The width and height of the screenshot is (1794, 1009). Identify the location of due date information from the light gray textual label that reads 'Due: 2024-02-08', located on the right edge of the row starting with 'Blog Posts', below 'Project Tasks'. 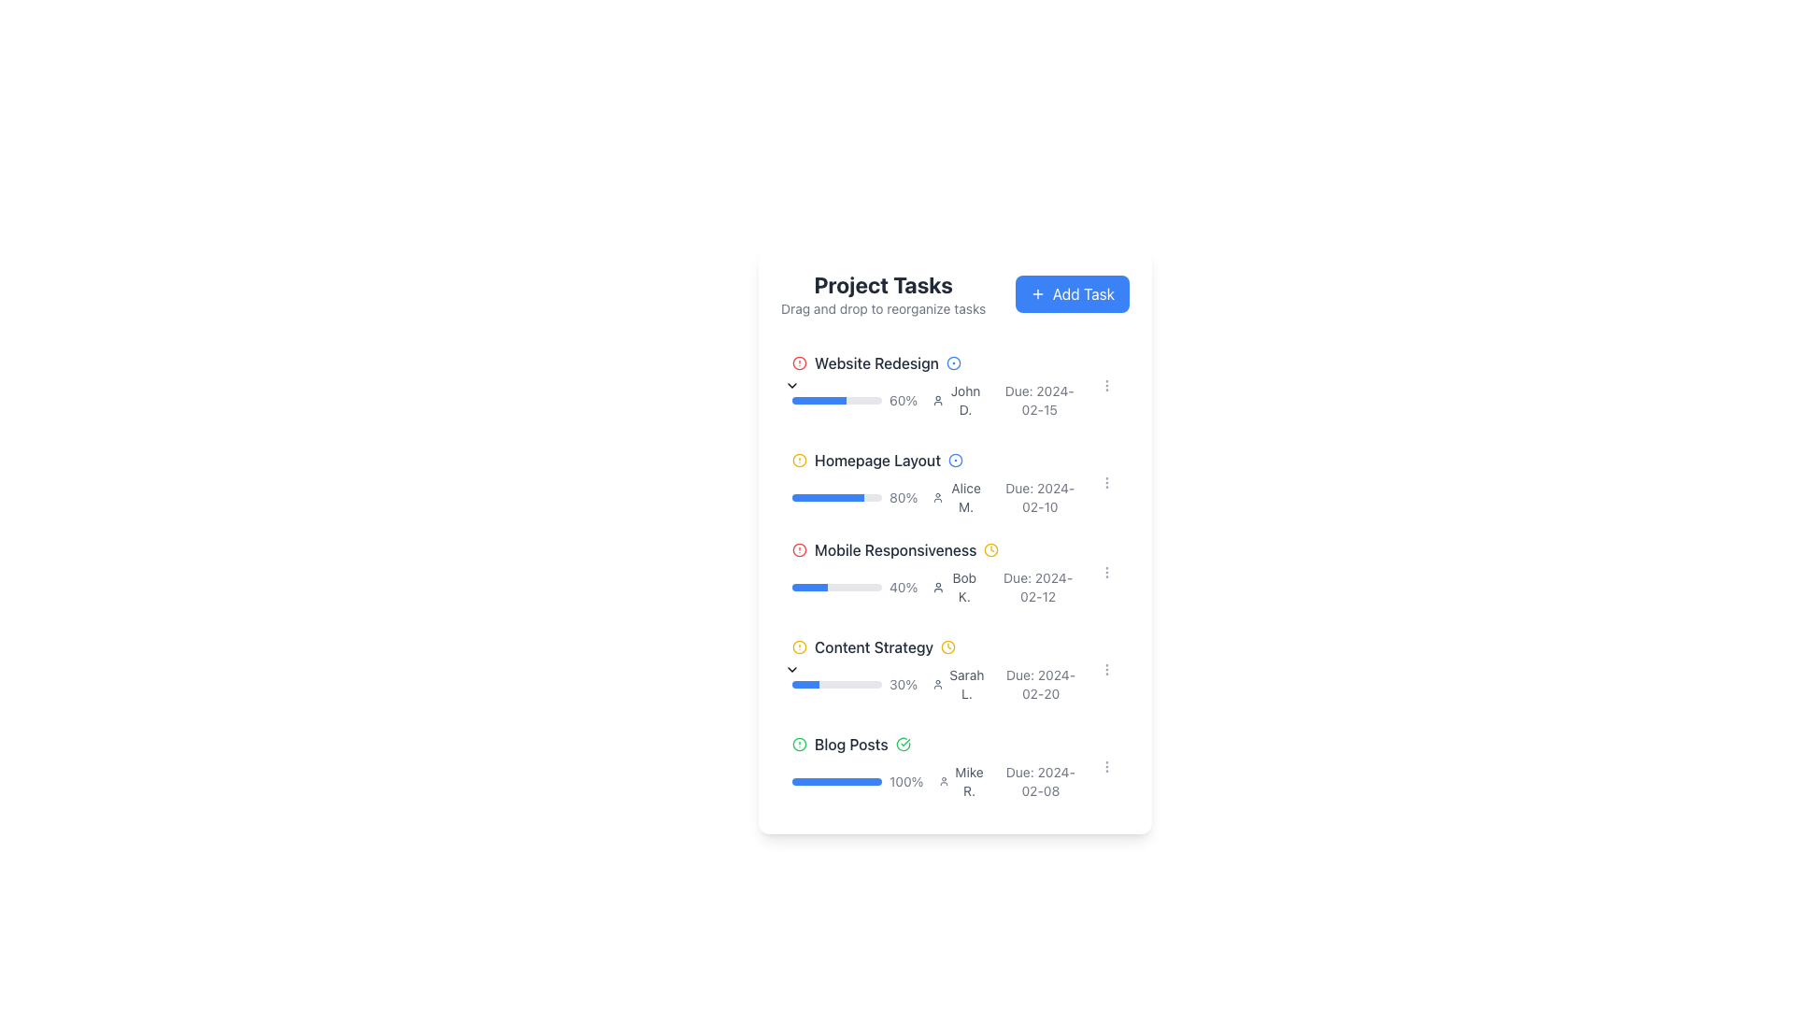
(1039, 782).